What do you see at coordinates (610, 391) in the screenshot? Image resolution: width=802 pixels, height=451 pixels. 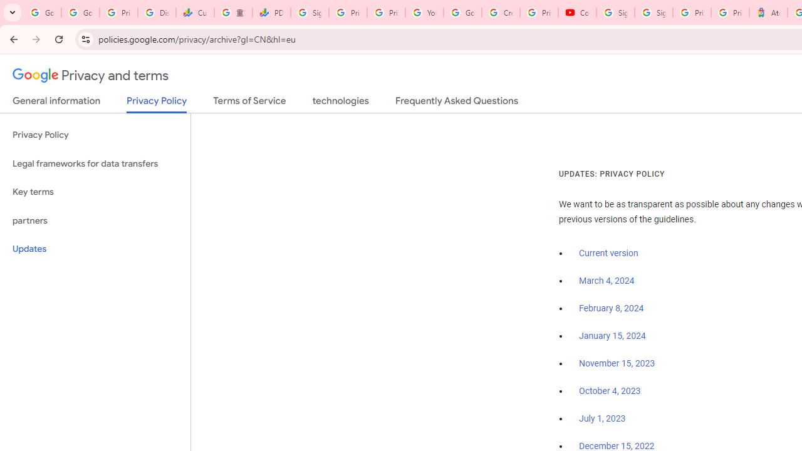 I see `'October 4, 2023'` at bounding box center [610, 391].